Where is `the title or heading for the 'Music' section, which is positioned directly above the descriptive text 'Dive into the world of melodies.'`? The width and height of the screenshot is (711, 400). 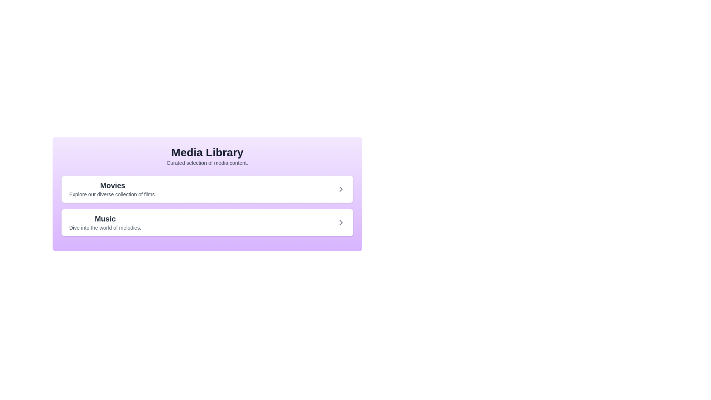 the title or heading for the 'Music' section, which is positioned directly above the descriptive text 'Dive into the world of melodies.' is located at coordinates (105, 218).